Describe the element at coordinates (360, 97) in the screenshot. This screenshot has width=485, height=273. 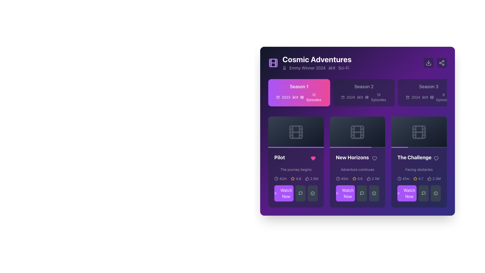
I see `the separator character located in the 'Season 2' section of the 'Cosmic Adventures' show interface, which visually organizes text components by dividing them` at that location.